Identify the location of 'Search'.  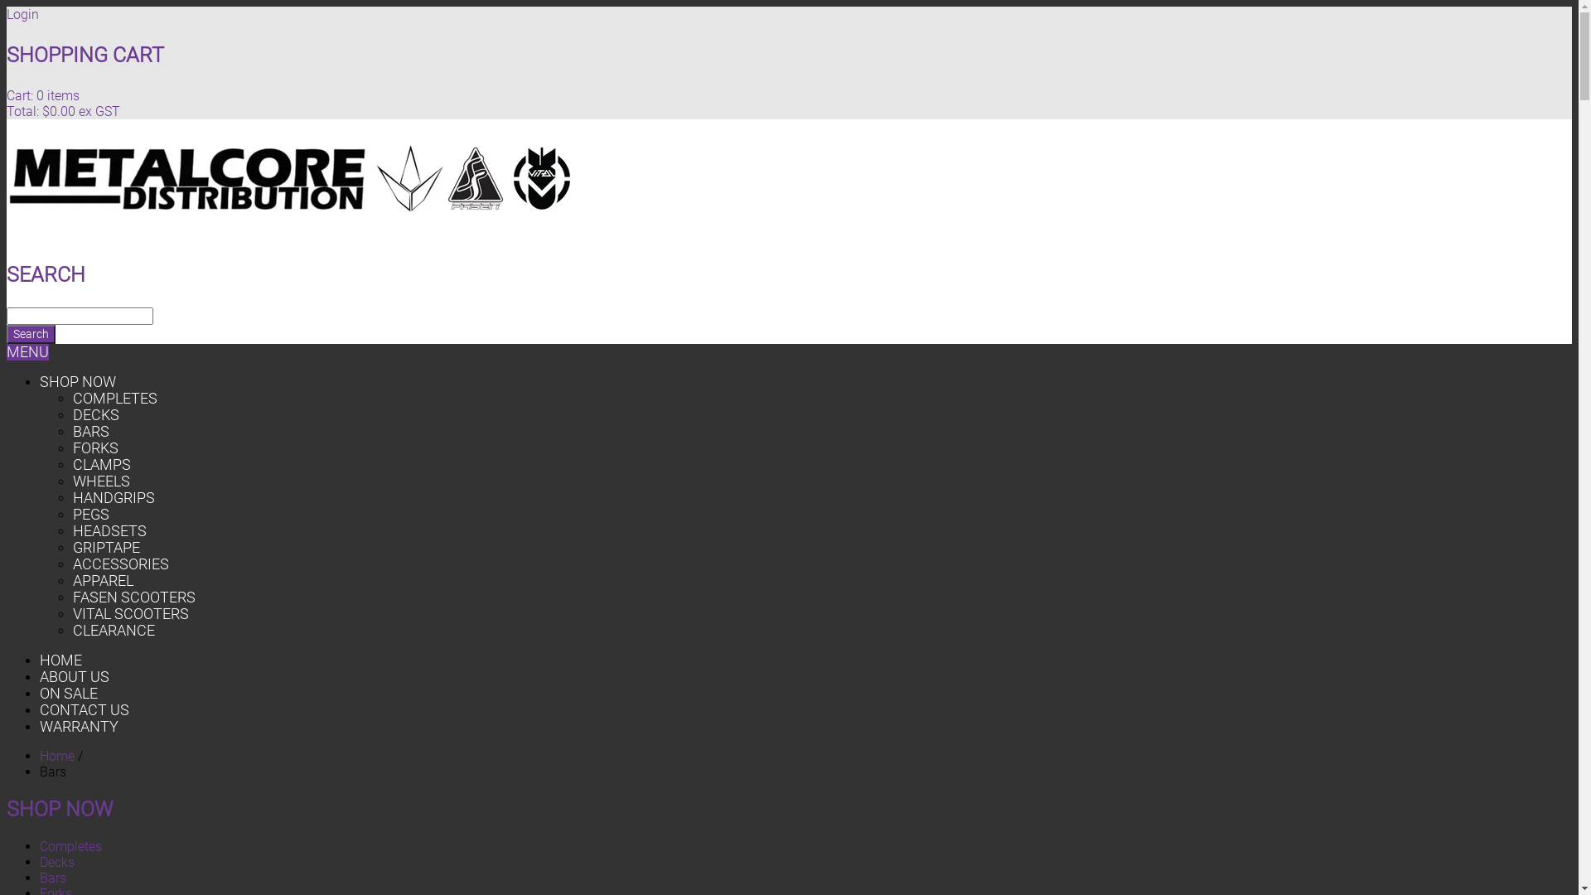
(31, 334).